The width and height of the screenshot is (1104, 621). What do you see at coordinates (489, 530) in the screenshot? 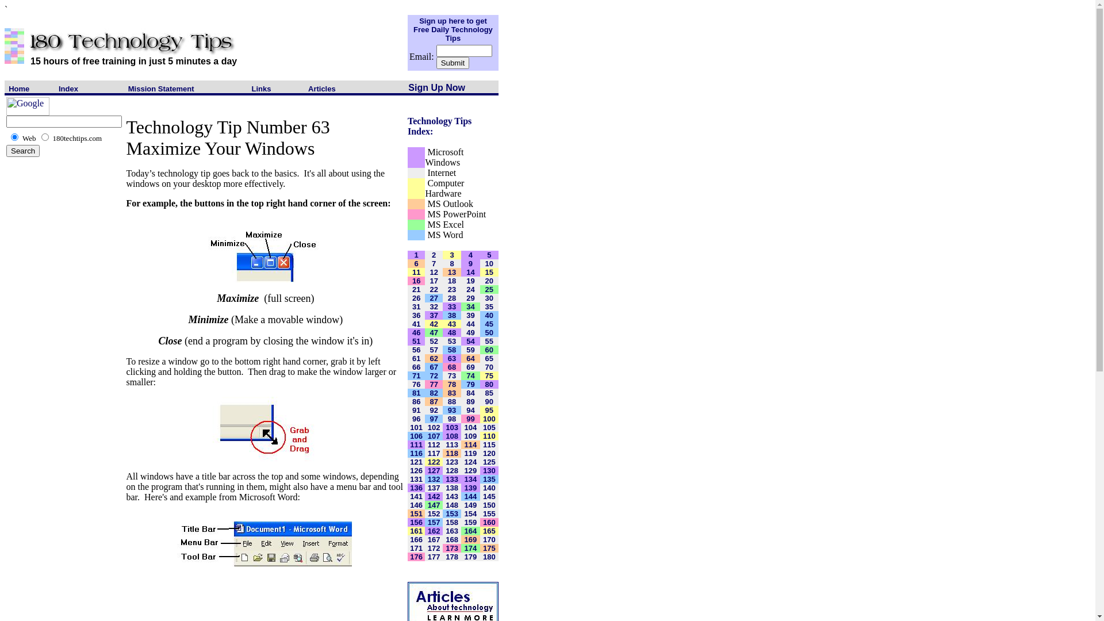
I see `'165'` at bounding box center [489, 530].